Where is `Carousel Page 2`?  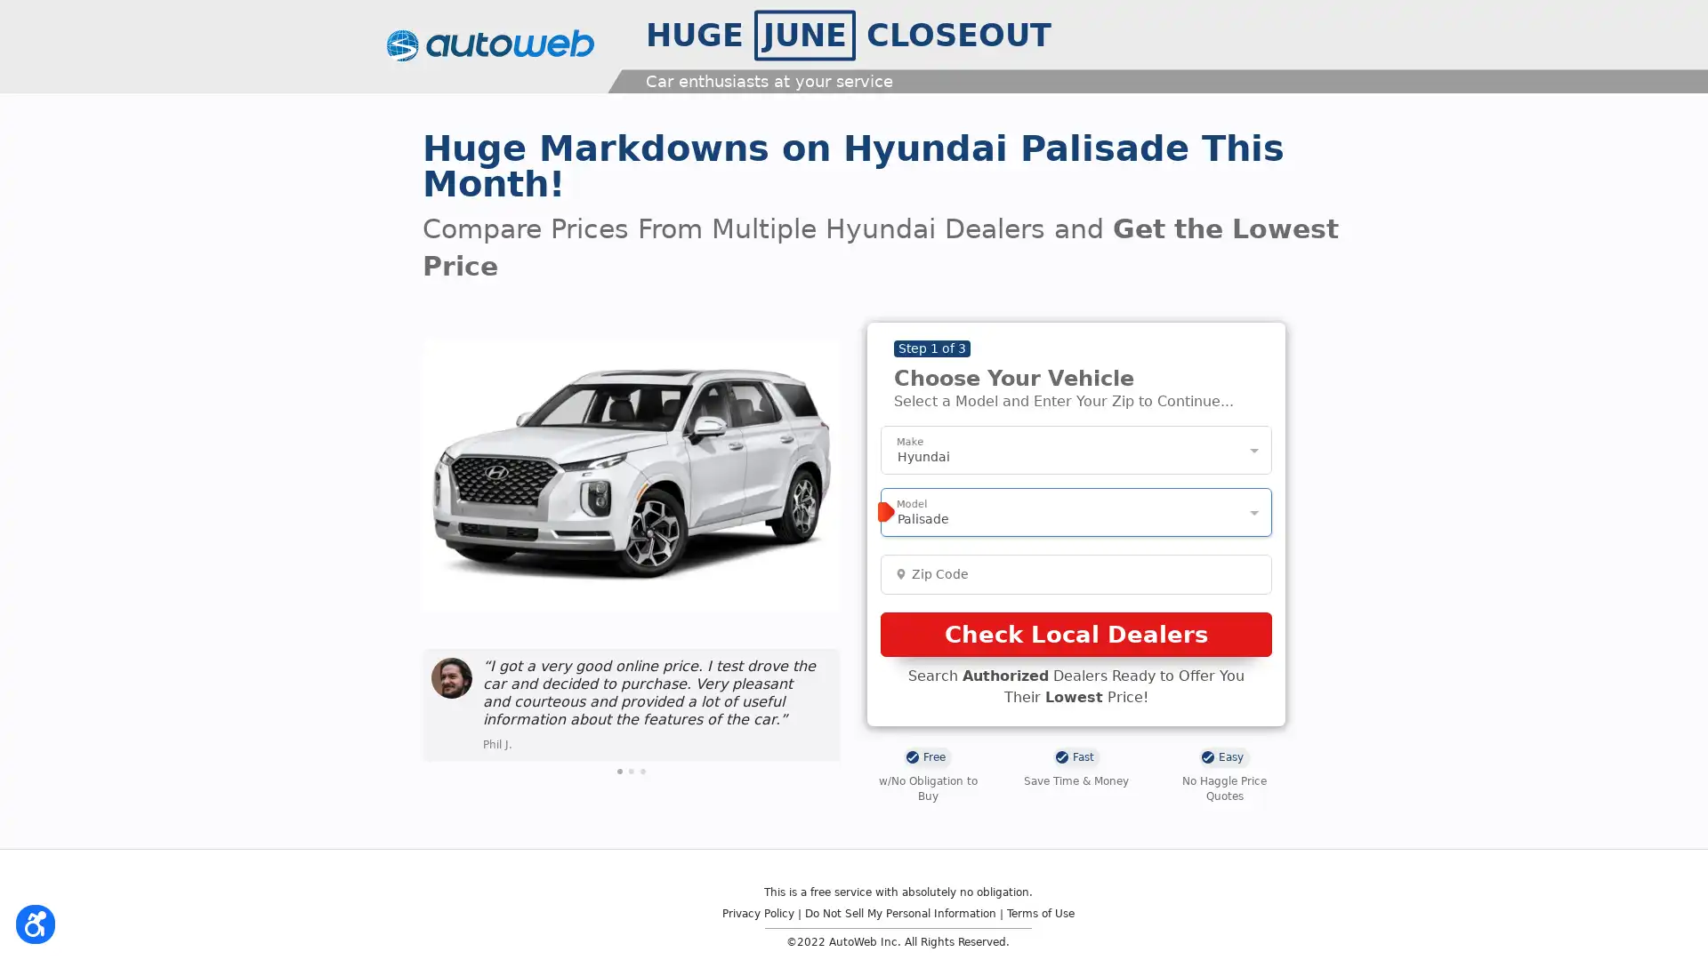 Carousel Page 2 is located at coordinates (632, 770).